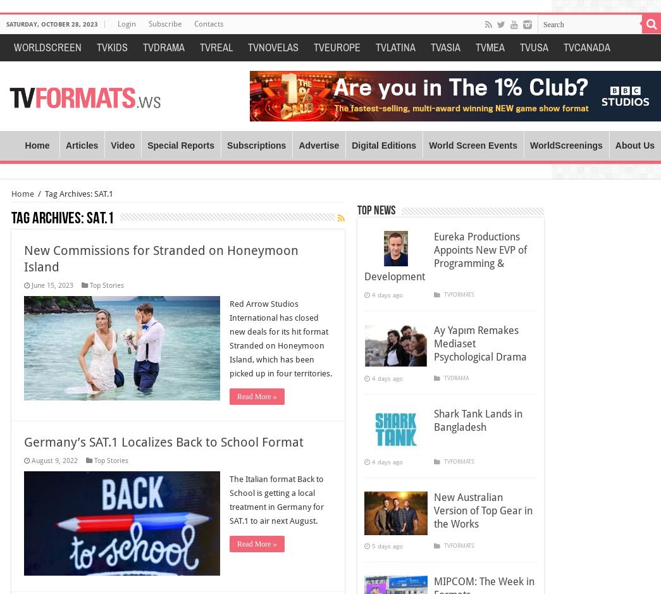 The image size is (661, 594). I want to click on 'Shark Tank Lands in Bangladesh', so click(477, 420).